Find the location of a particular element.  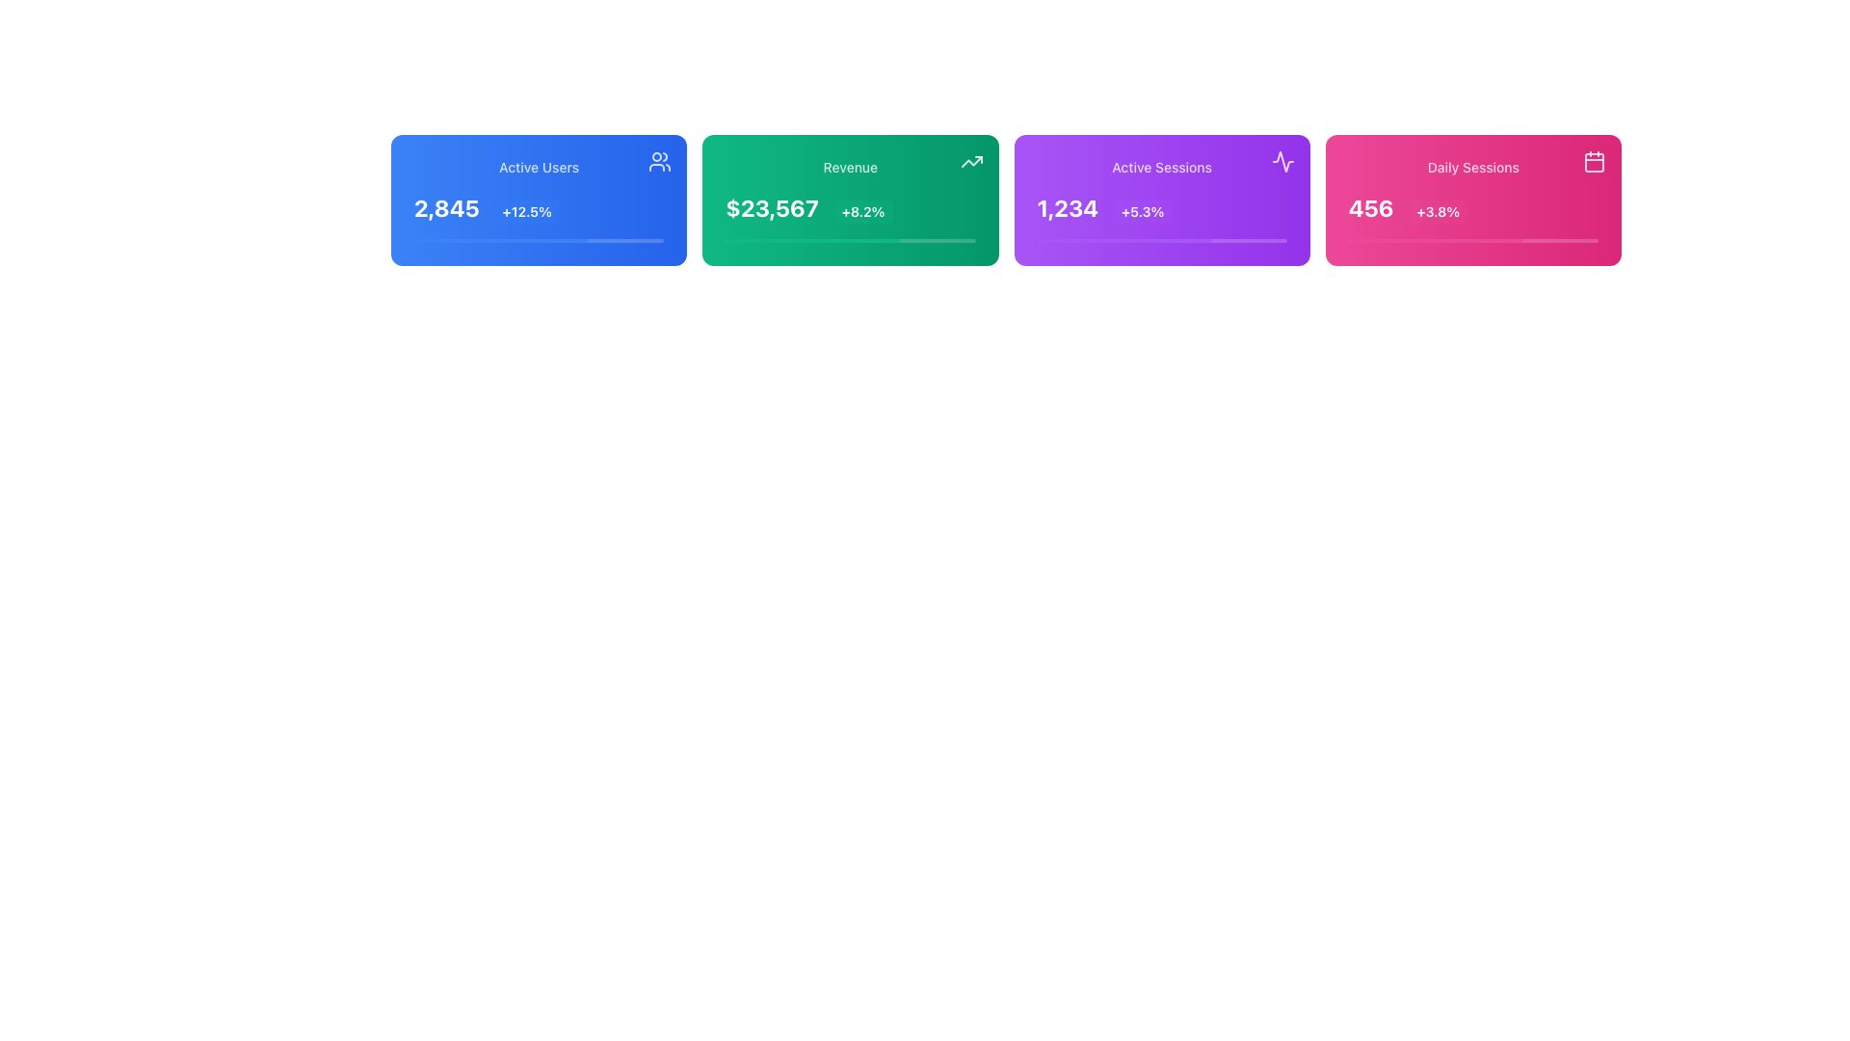

the small white icon resembling a data representation located in the top-right corner of the 'Active Sessions' purple card is located at coordinates (1282, 161).